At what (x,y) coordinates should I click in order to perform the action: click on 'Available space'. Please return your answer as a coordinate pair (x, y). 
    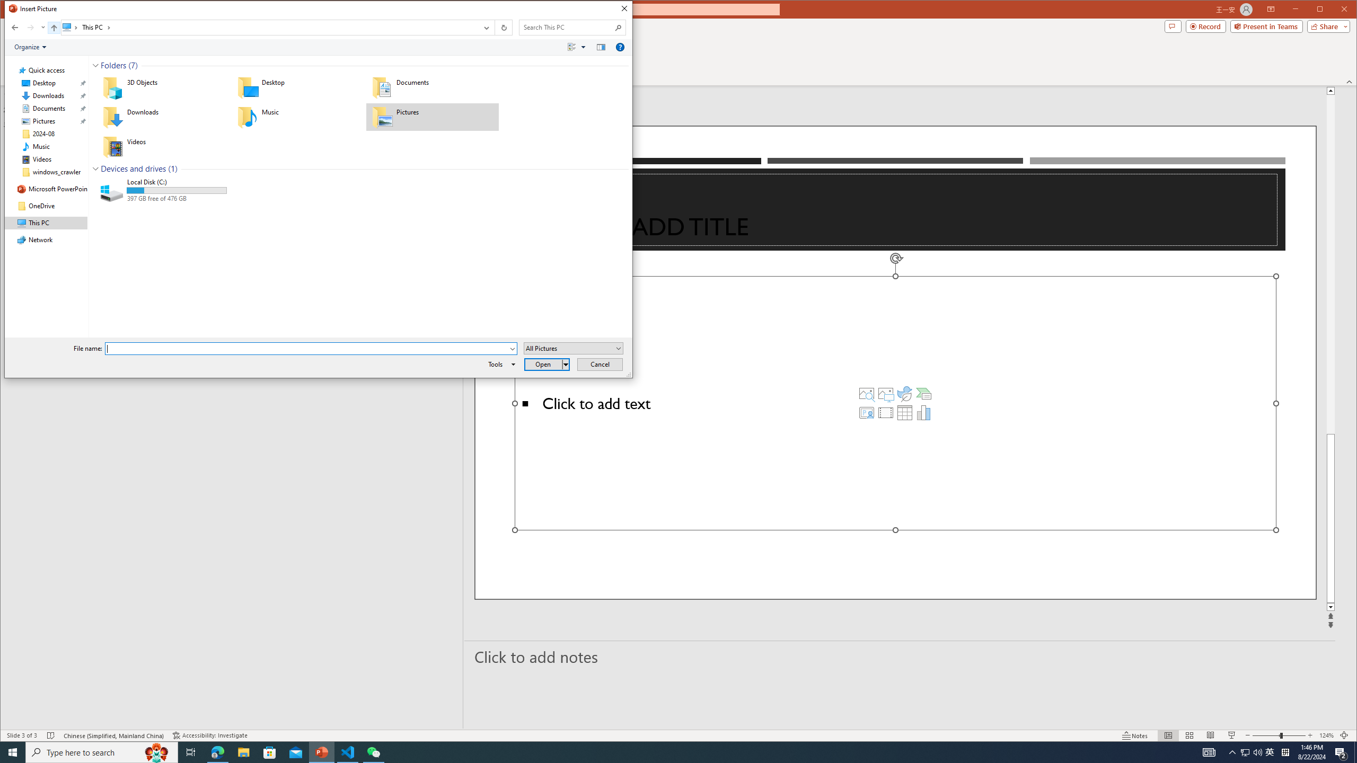
    Looking at the image, I should click on (177, 199).